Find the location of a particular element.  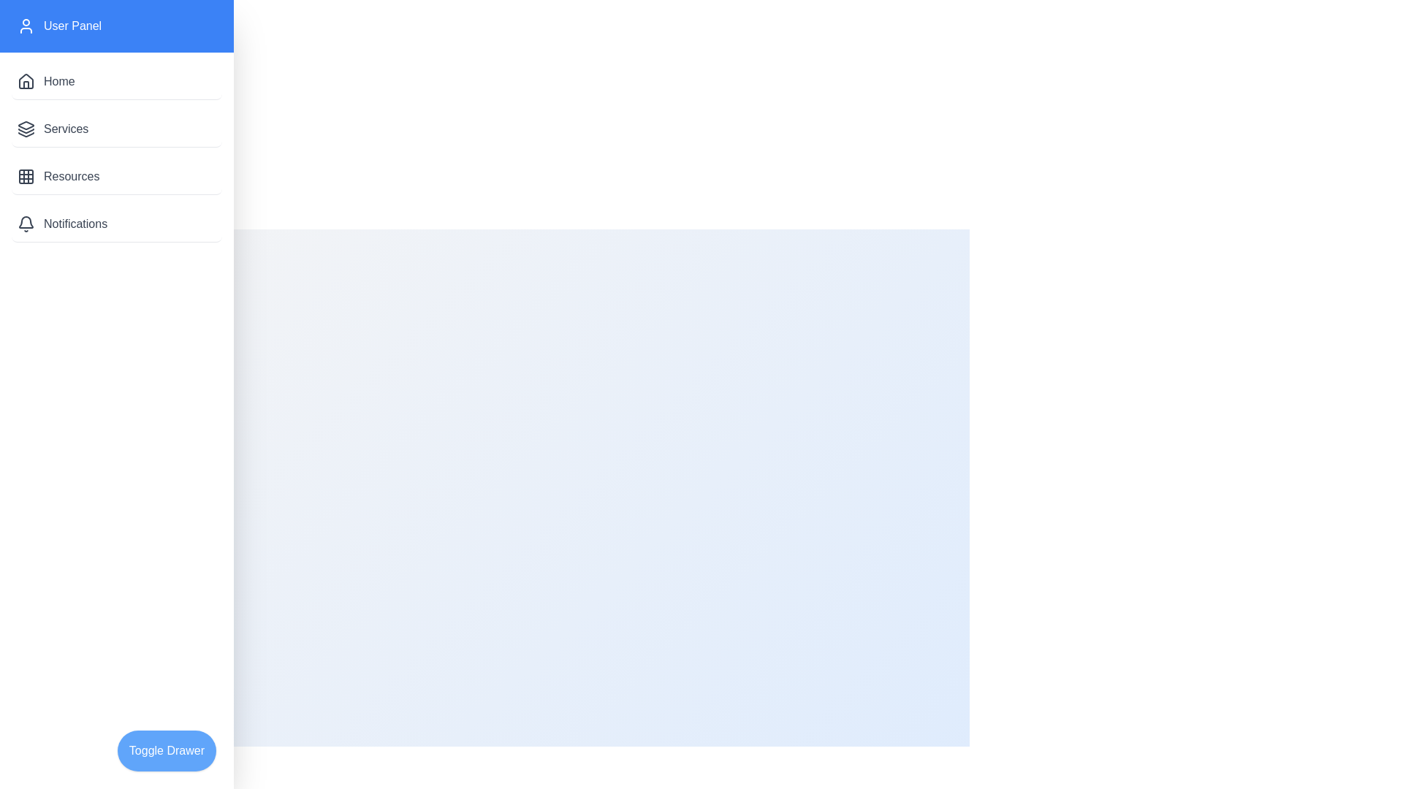

the menu item Notifications in the drawer is located at coordinates (115, 224).